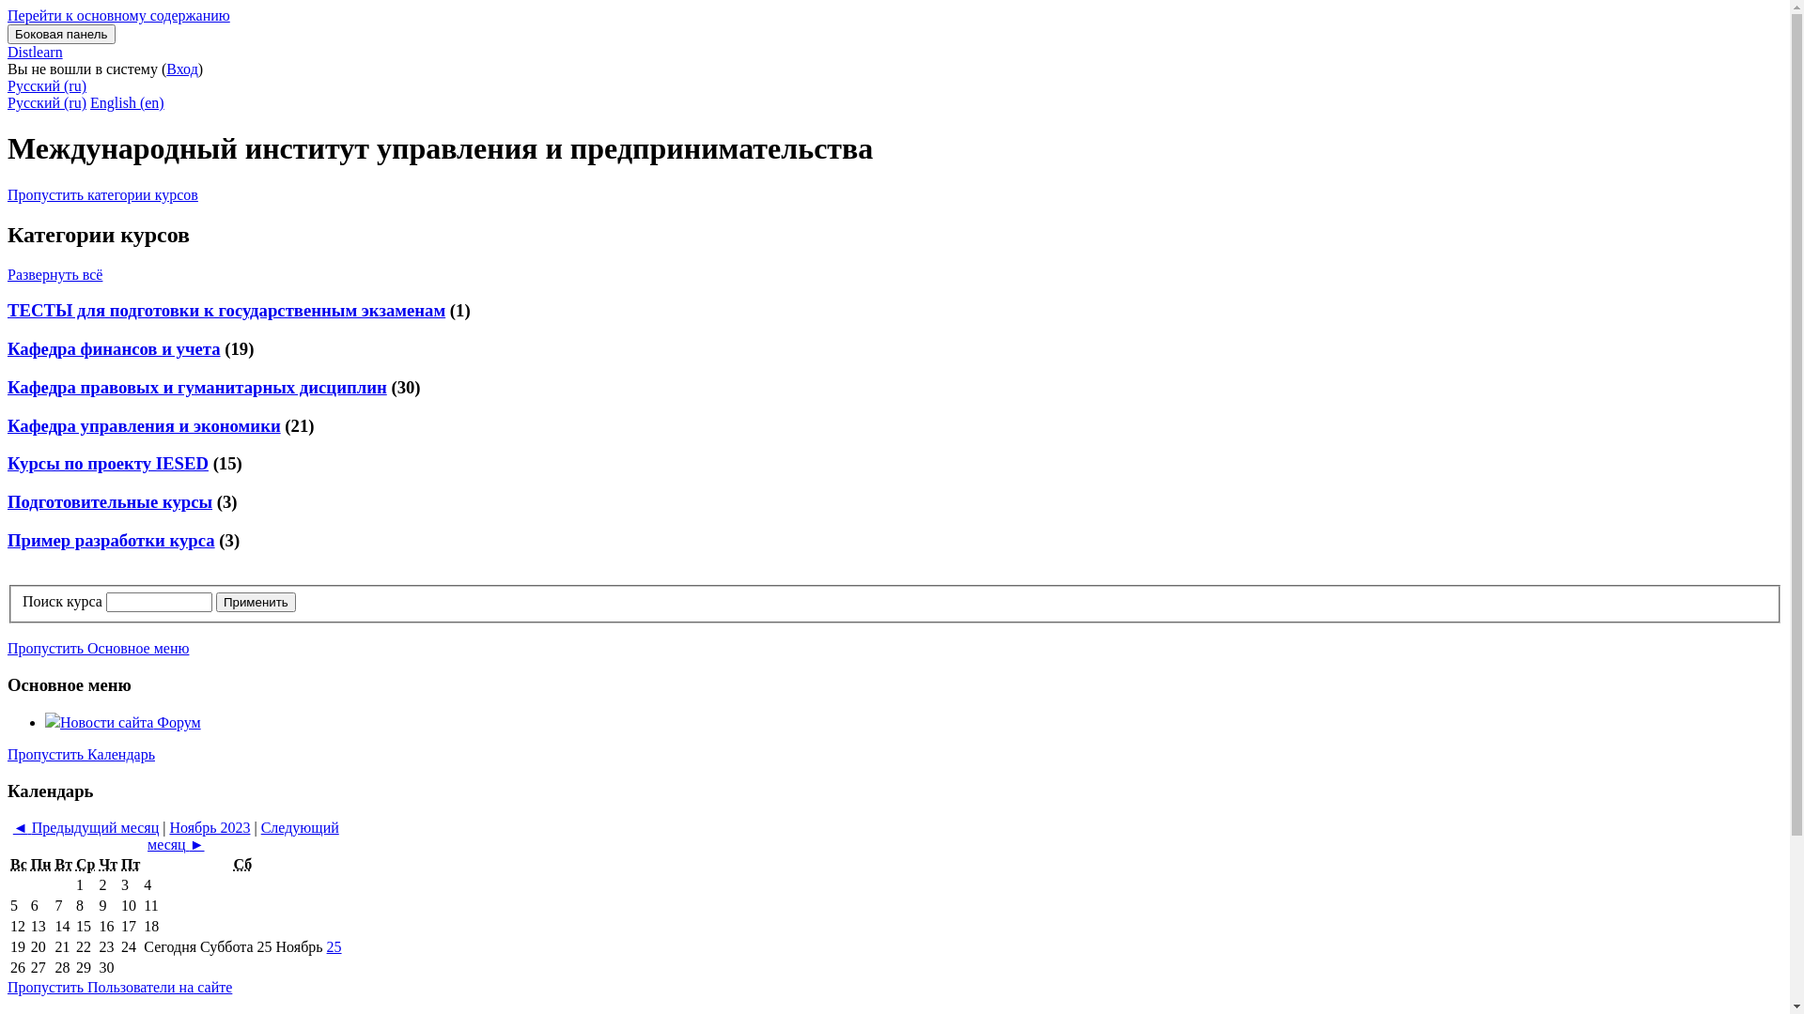 Image resolution: width=1804 pixels, height=1014 pixels. Describe the element at coordinates (326, 946) in the screenshot. I see `'25'` at that location.